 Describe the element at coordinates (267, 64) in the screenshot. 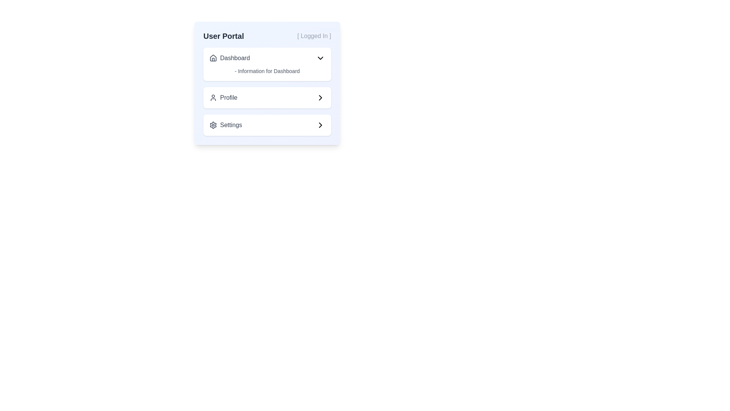

I see `information displayed within the Dashboard card or informational panel, which is the first element in the vertical list above the Profile and Settings elements` at that location.